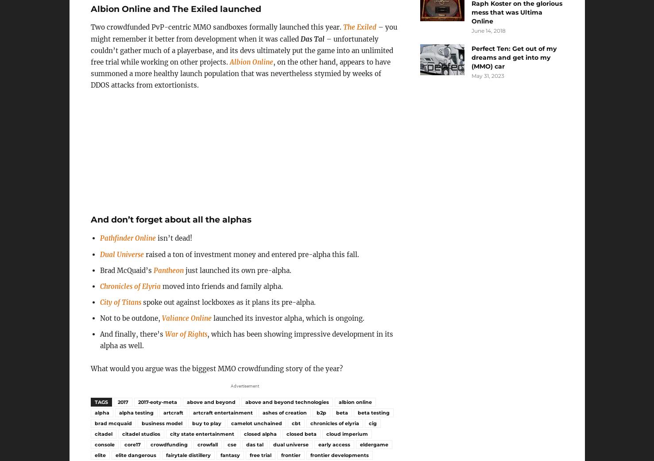 Image resolution: width=654 pixels, height=461 pixels. I want to click on 'beta testing', so click(373, 412).